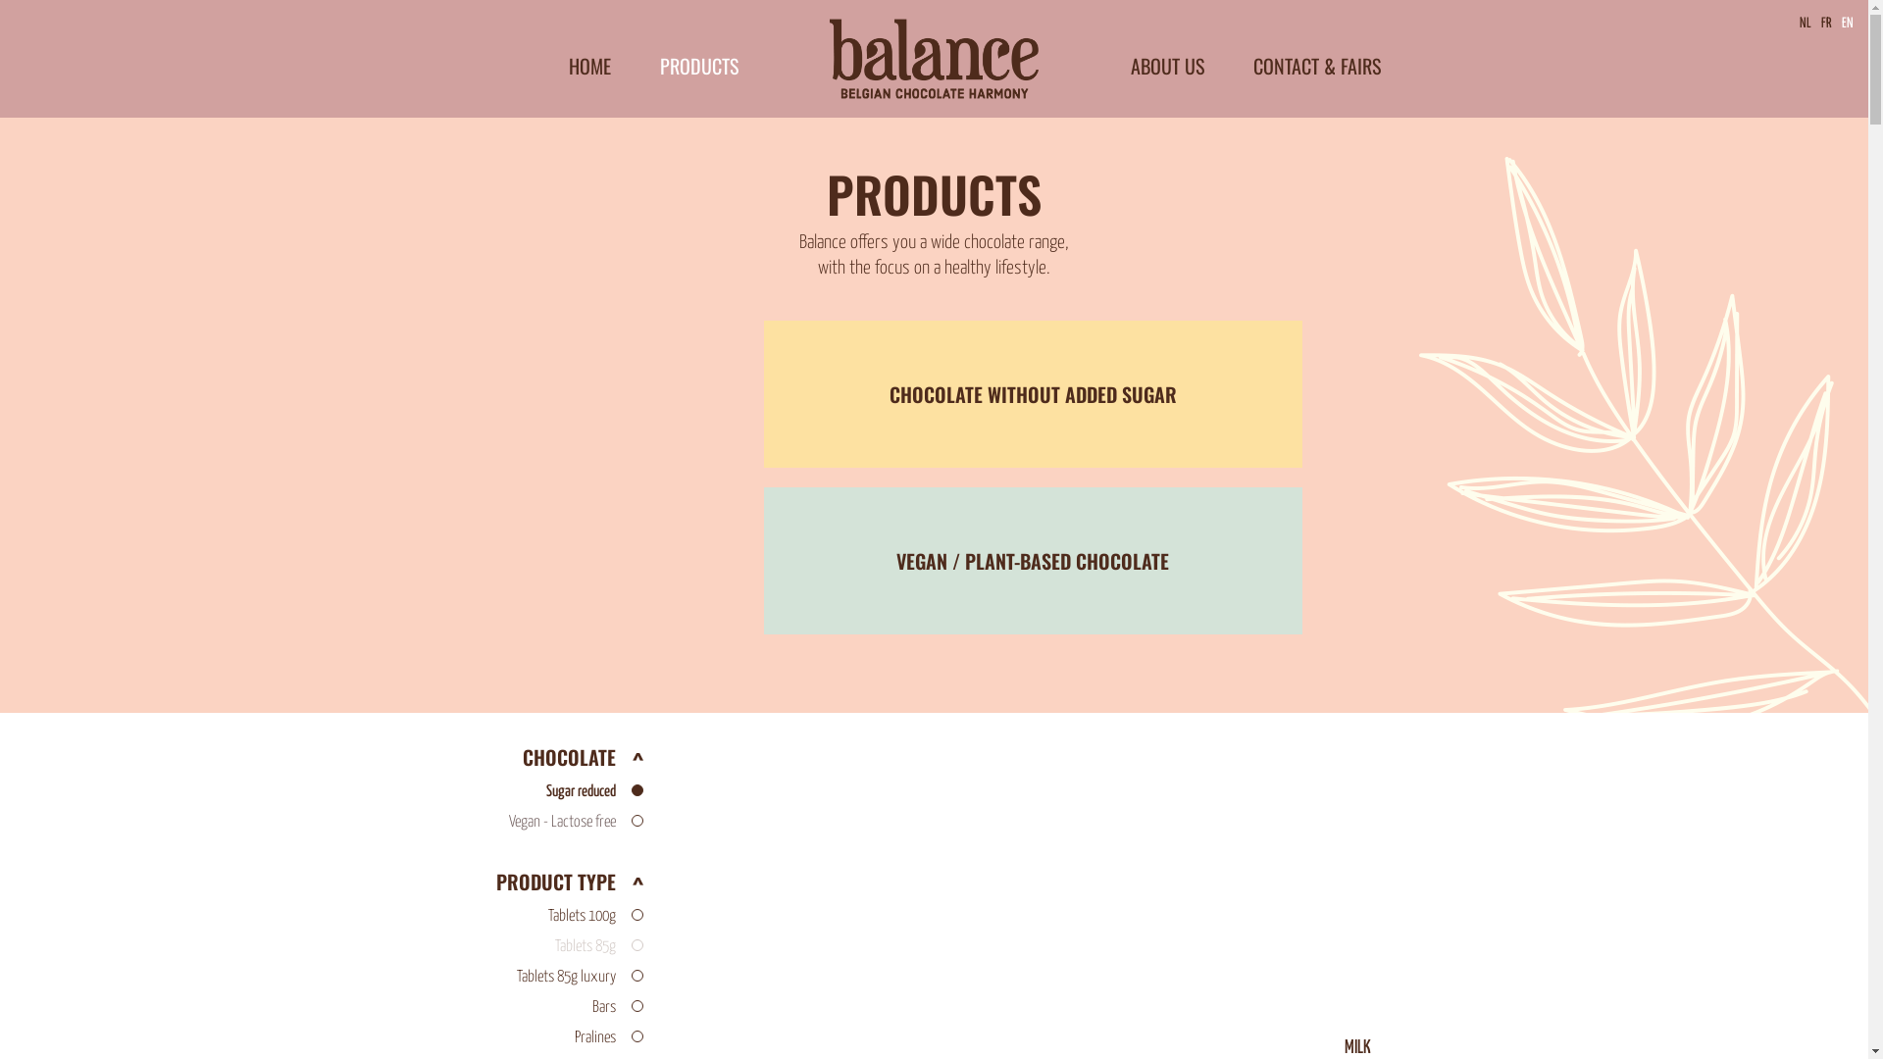 This screenshot has width=1883, height=1059. I want to click on 'Tablets 100g', so click(514, 916).